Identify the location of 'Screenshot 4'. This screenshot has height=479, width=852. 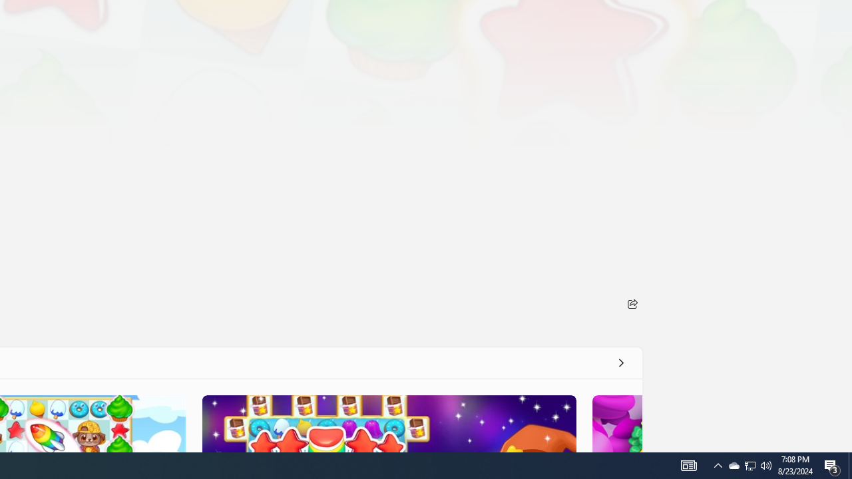
(616, 423).